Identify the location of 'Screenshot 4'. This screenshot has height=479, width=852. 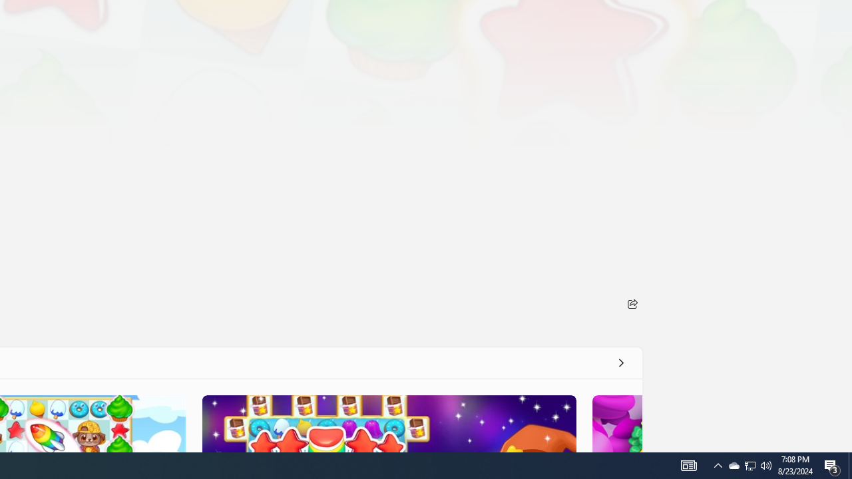
(616, 423).